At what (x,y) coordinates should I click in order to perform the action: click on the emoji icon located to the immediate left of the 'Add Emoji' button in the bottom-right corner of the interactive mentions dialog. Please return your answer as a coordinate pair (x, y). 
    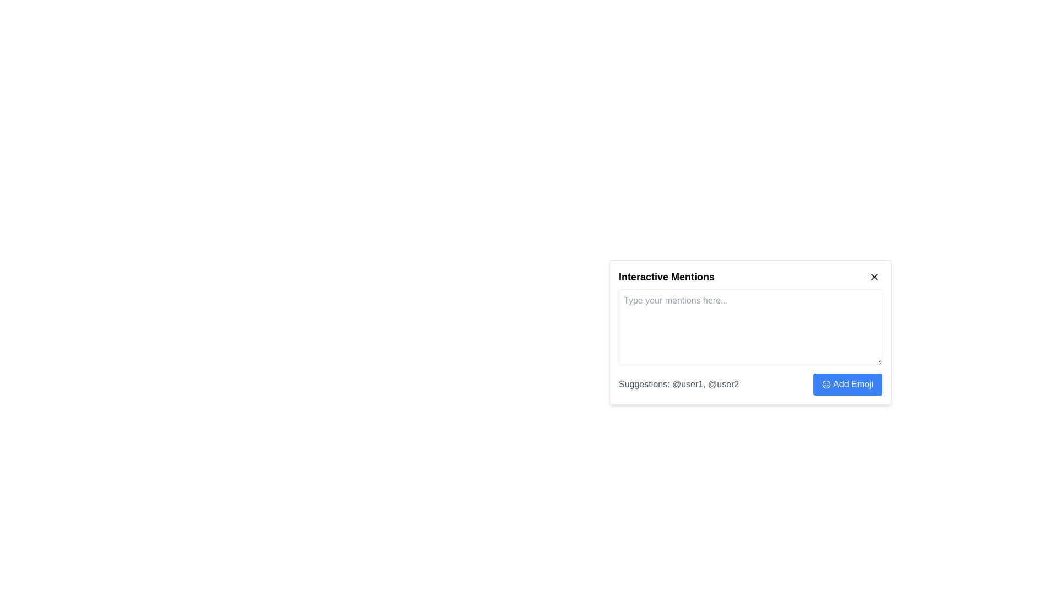
    Looking at the image, I should click on (827, 384).